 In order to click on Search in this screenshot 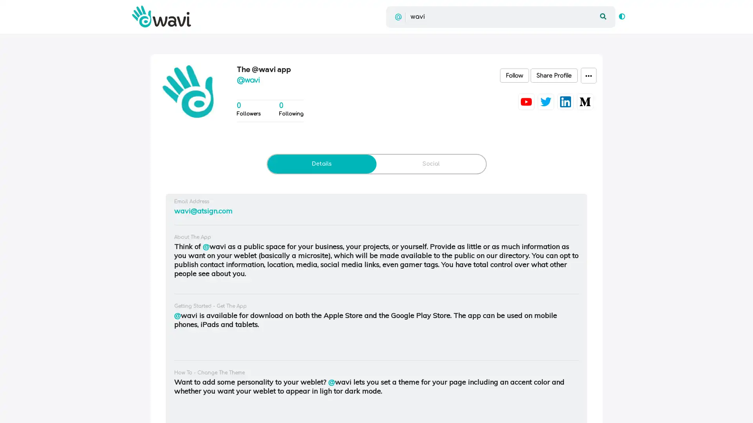, I will do `click(602, 16)`.